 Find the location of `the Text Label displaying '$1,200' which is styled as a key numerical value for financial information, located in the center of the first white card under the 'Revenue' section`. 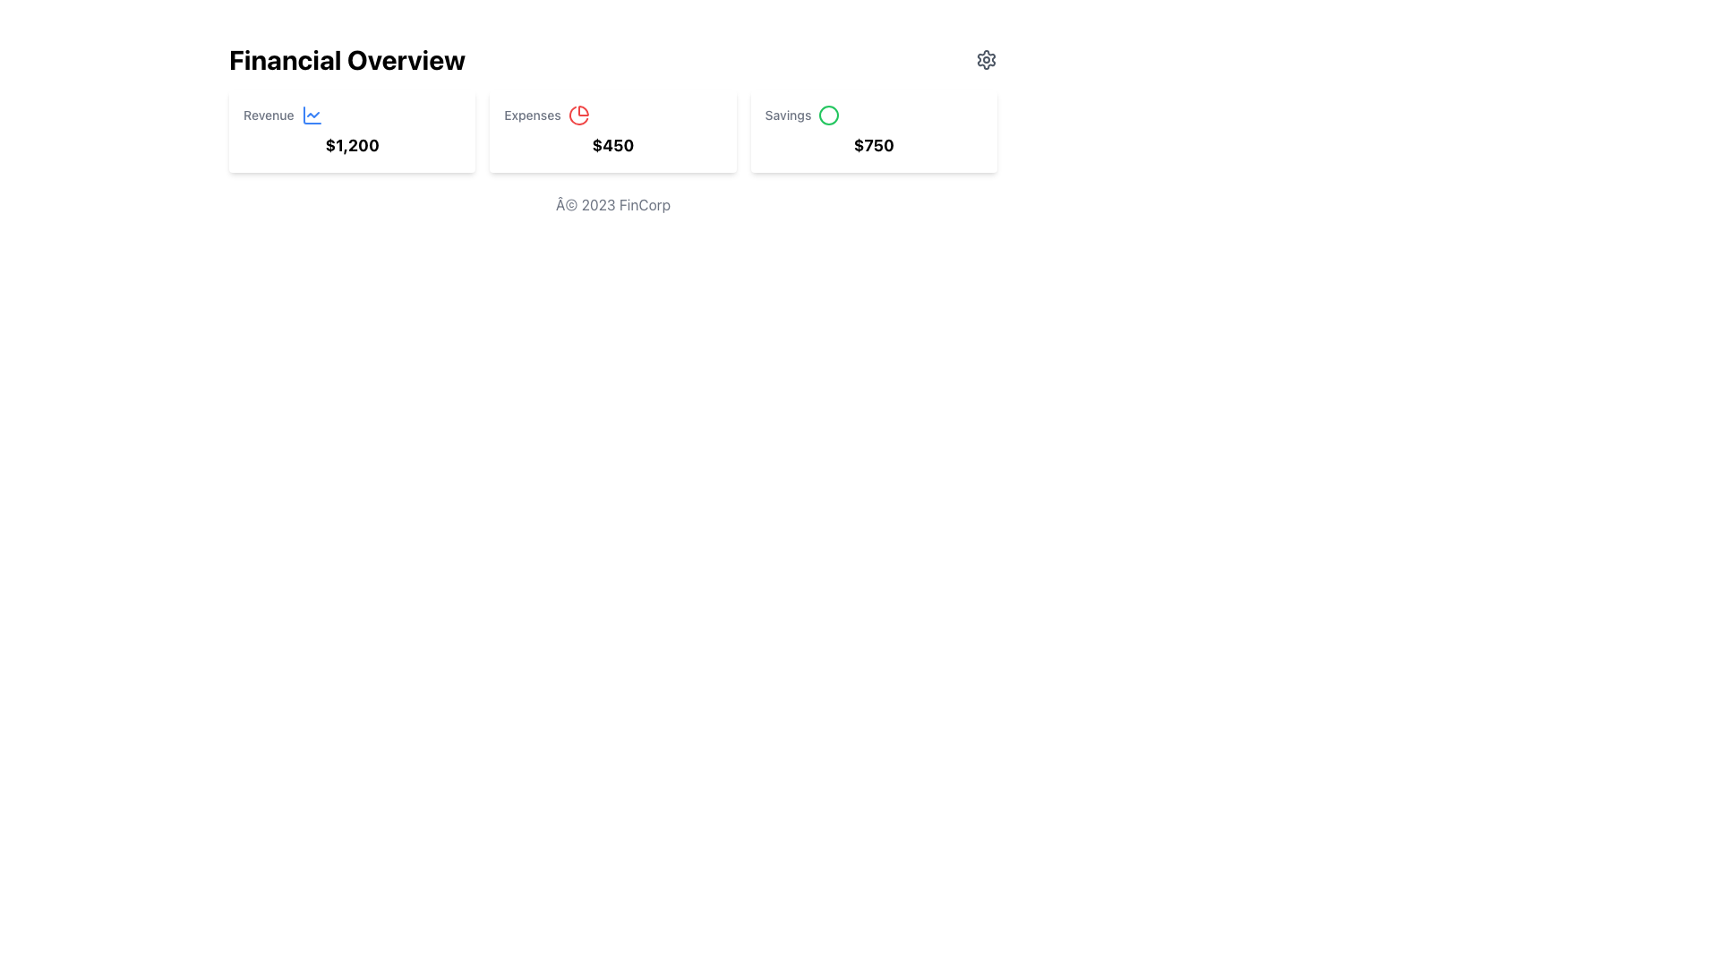

the Text Label displaying '$1,200' which is styled as a key numerical value for financial information, located in the center of the first white card under the 'Revenue' section is located at coordinates (352, 144).